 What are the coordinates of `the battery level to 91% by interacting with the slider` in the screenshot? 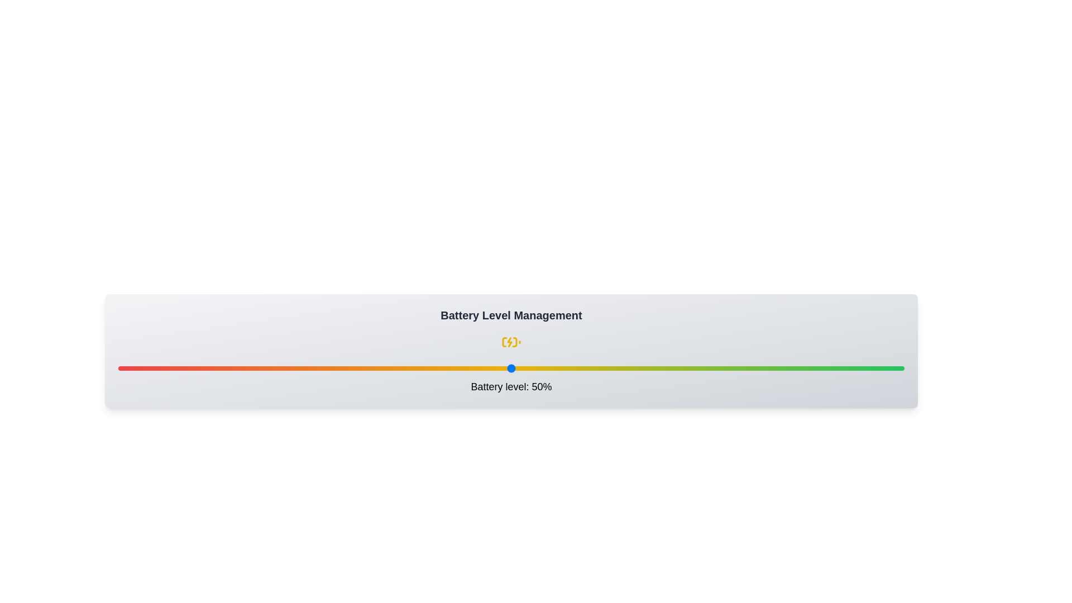 It's located at (834, 368).